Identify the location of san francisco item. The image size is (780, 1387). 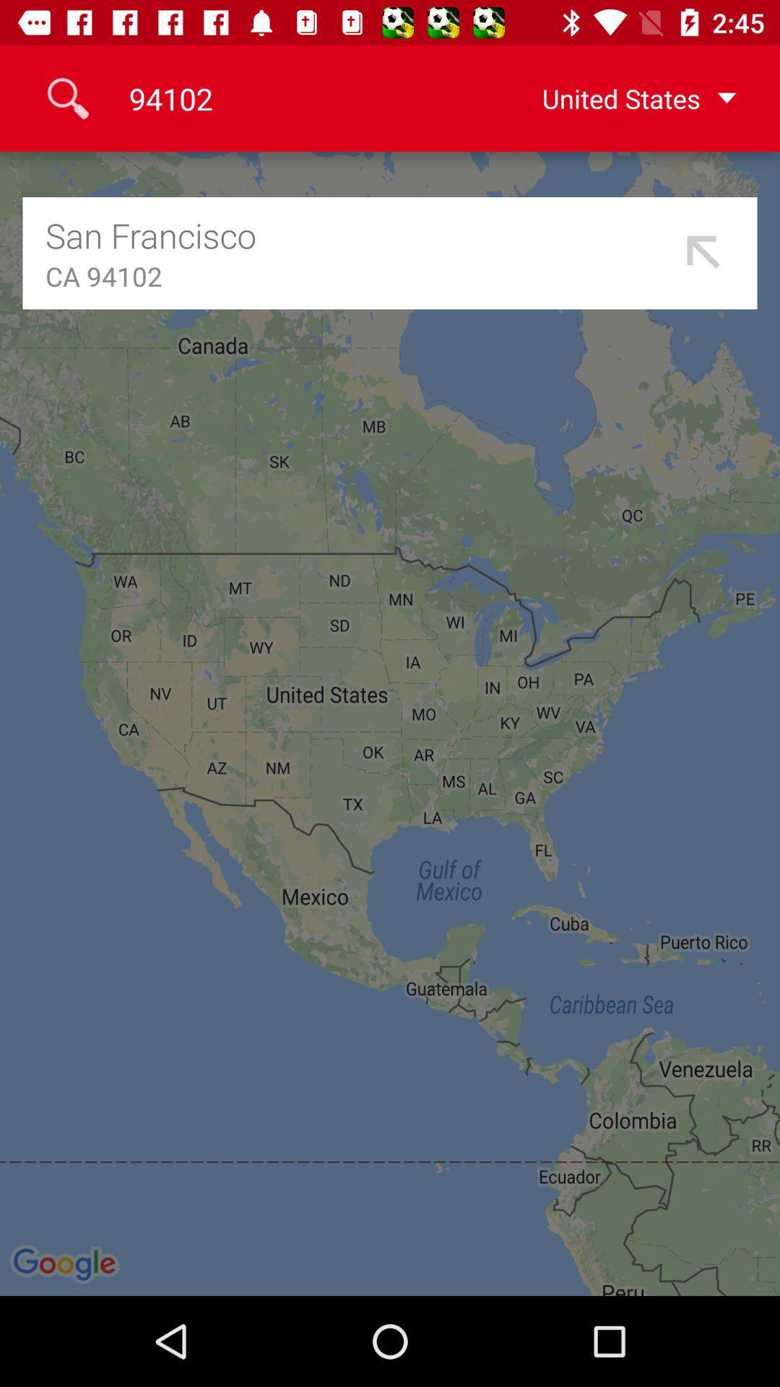
(358, 235).